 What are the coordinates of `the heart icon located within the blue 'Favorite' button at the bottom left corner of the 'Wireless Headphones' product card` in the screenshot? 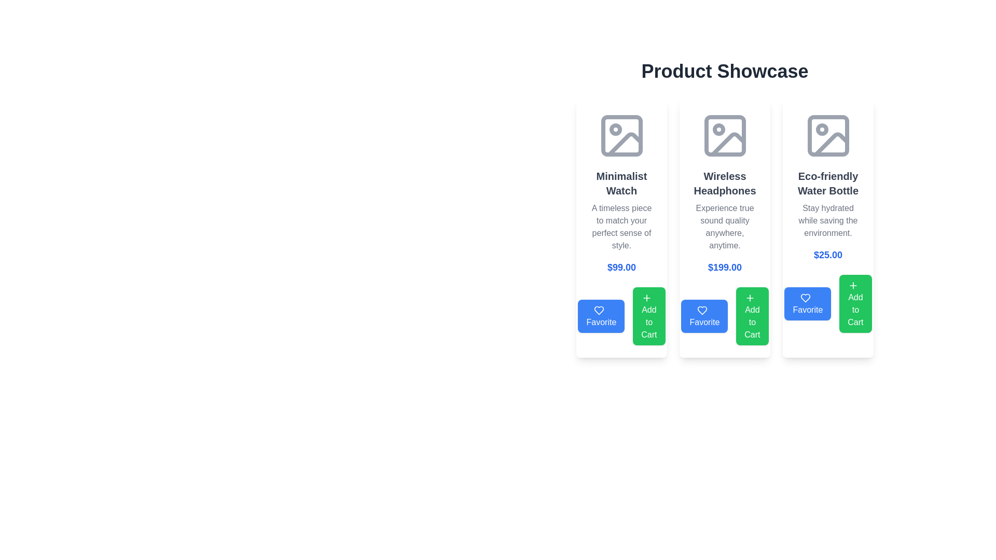 It's located at (702, 310).